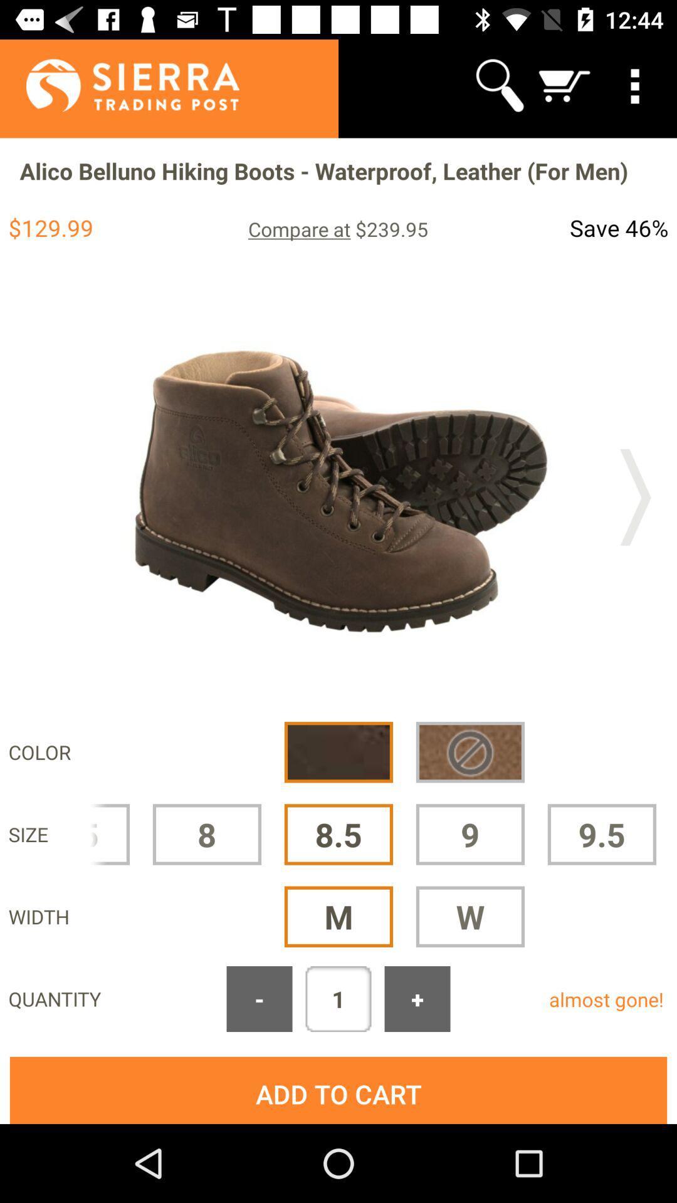 The image size is (677, 1203). What do you see at coordinates (338, 1090) in the screenshot?
I see `icon below the quantity icon` at bounding box center [338, 1090].